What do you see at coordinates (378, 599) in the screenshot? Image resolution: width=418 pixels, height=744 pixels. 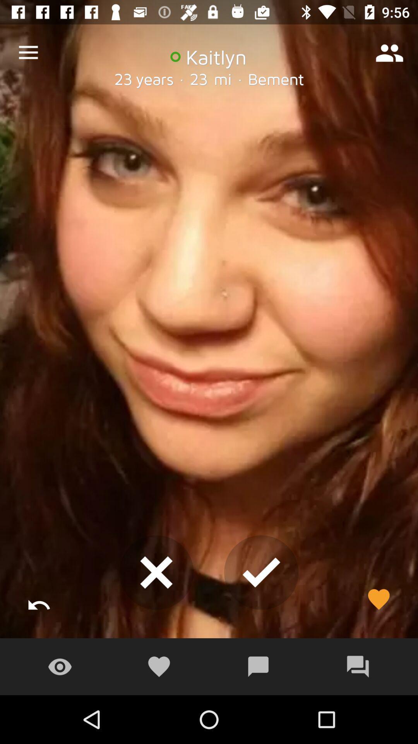 I see `the favorite icon` at bounding box center [378, 599].